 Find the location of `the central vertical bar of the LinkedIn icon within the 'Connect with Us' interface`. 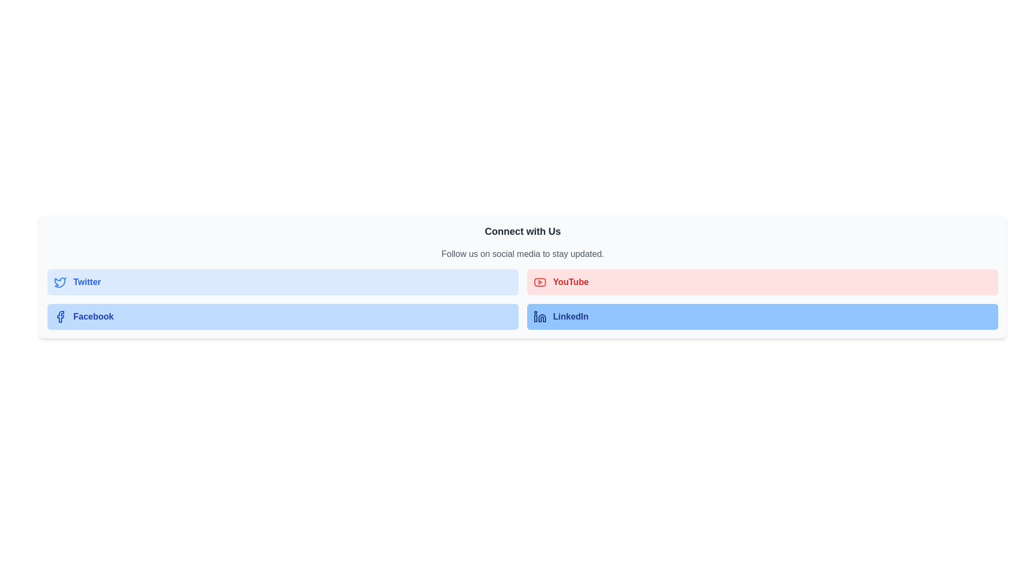

the central vertical bar of the LinkedIn icon within the 'Connect with Us' interface is located at coordinates (536, 318).